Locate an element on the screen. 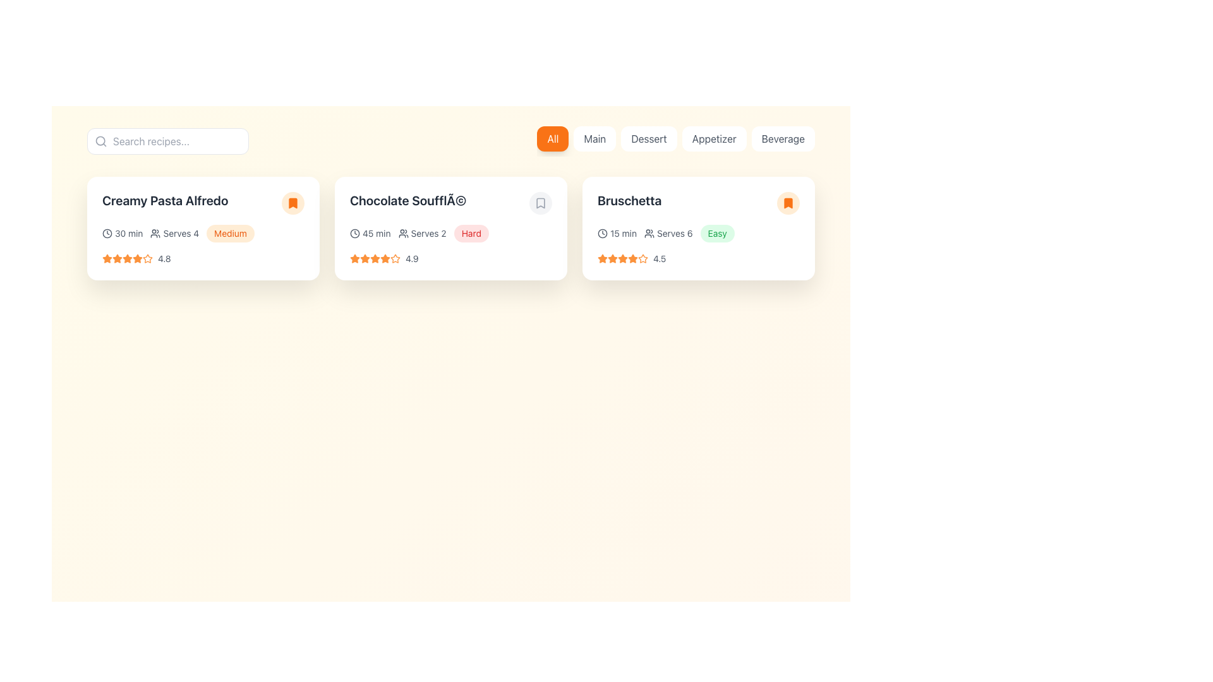 This screenshot has height=682, width=1213. the 'Dessert' category button in the top-center navigation menu to trigger the hover effect is located at coordinates (649, 138).